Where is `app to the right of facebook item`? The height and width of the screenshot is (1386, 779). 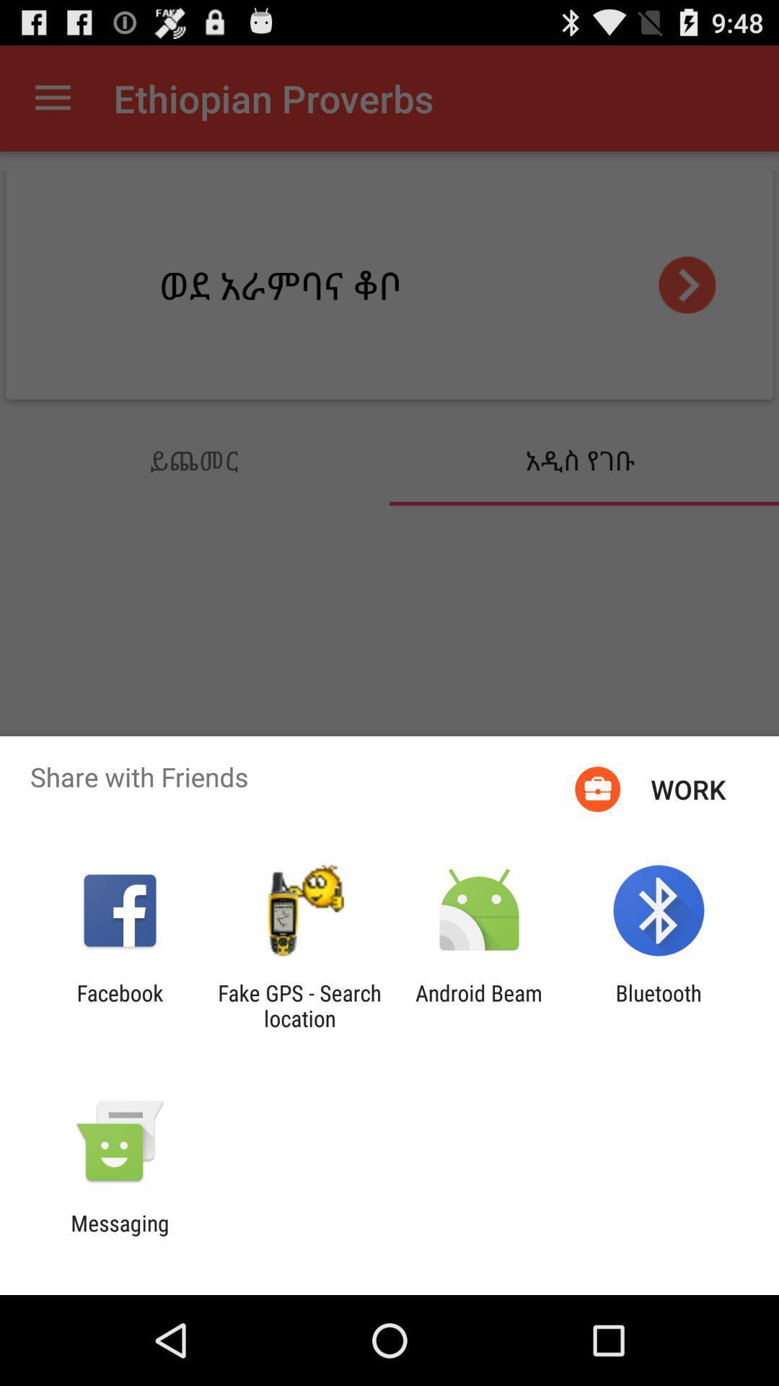 app to the right of facebook item is located at coordinates (299, 1005).